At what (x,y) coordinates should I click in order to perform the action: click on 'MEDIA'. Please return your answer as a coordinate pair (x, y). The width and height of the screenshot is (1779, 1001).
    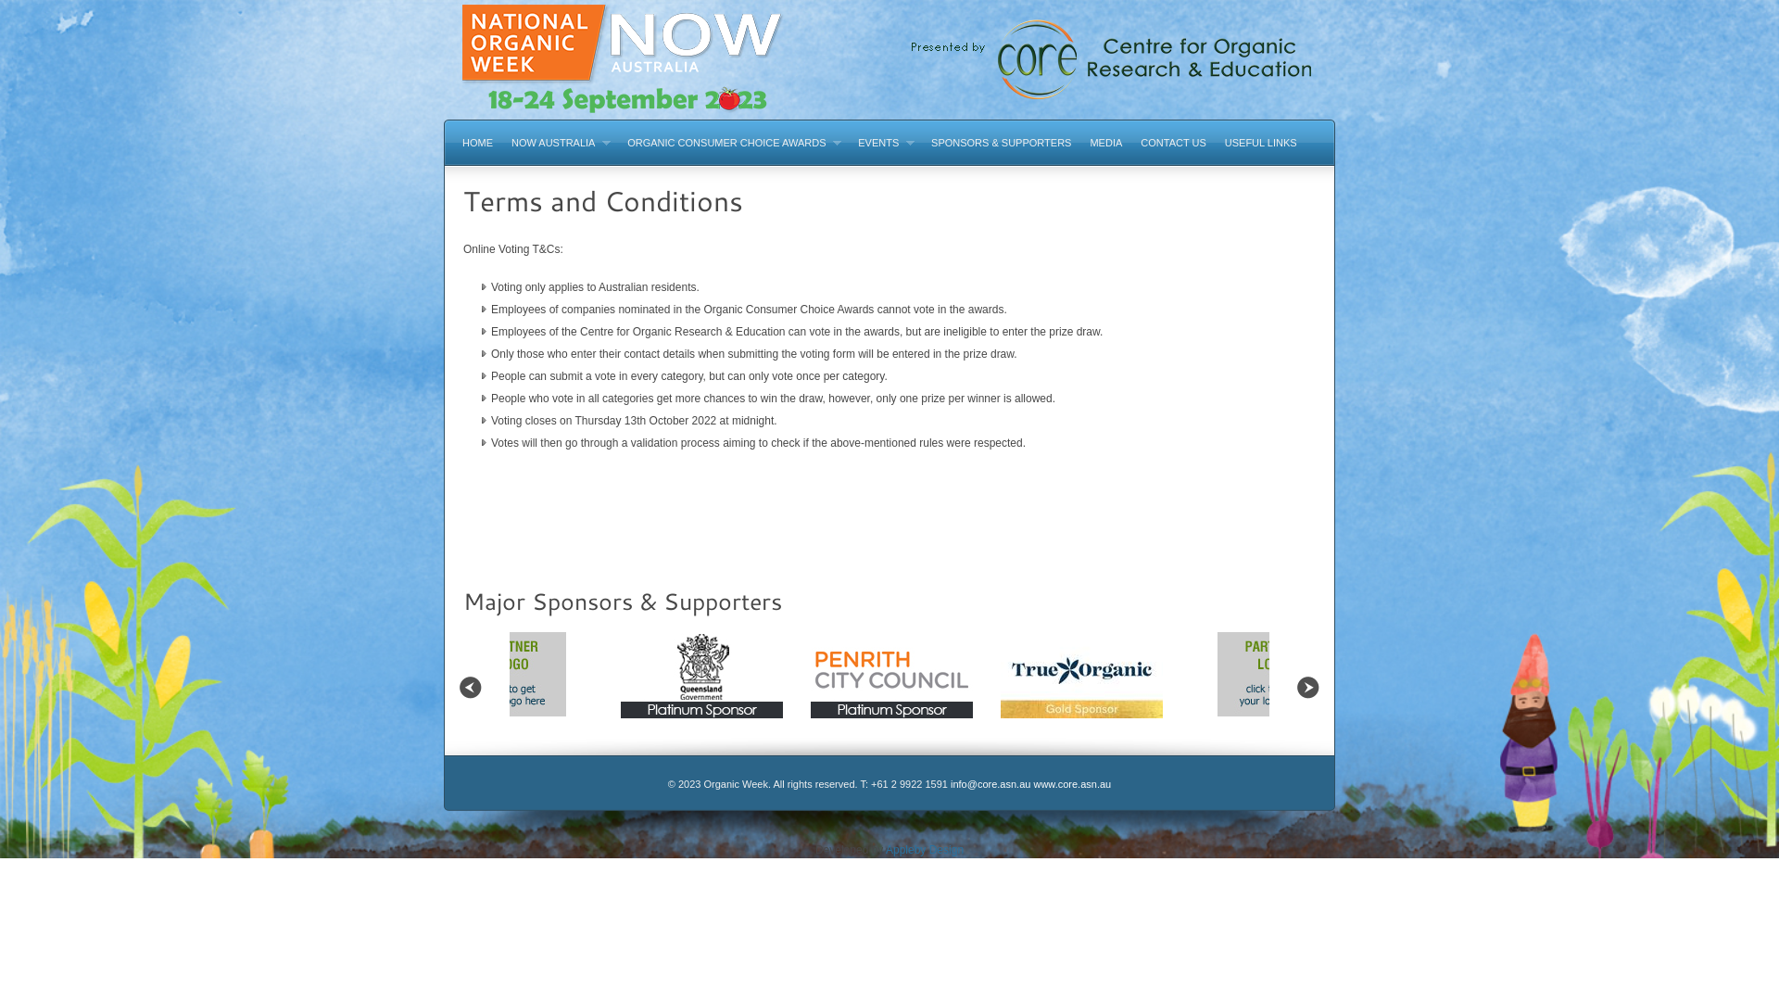
    Looking at the image, I should click on (1080, 141).